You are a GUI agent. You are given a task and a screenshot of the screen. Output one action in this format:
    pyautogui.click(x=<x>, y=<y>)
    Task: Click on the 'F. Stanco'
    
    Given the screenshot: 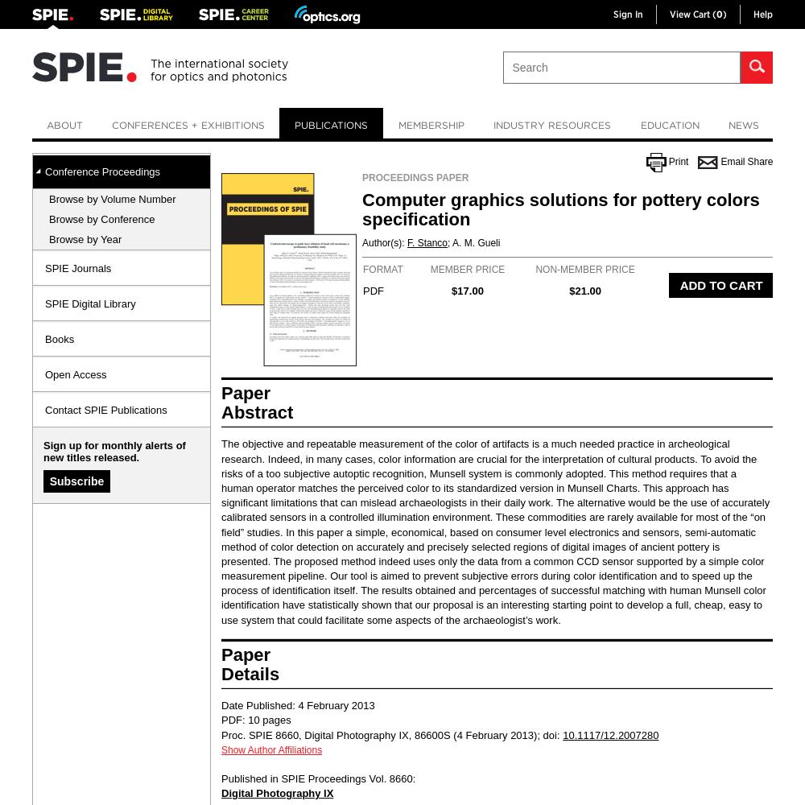 What is the action you would take?
    pyautogui.click(x=427, y=243)
    